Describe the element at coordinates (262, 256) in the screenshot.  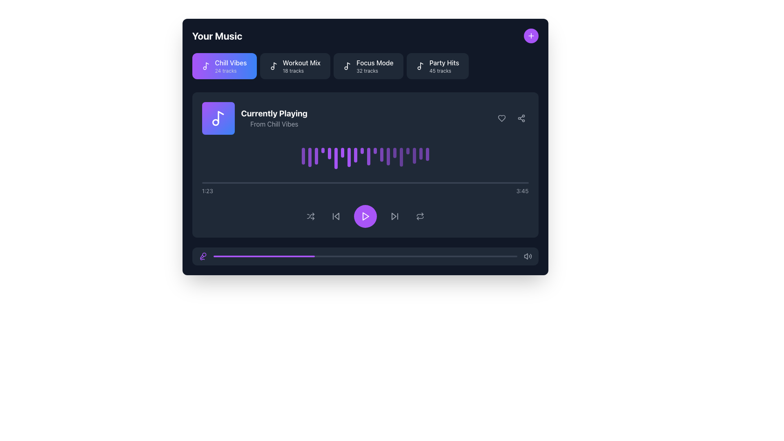
I see `the music progress bar` at that location.